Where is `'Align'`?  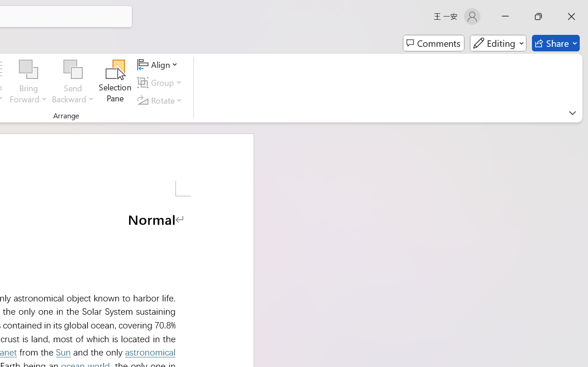 'Align' is located at coordinates (159, 65).